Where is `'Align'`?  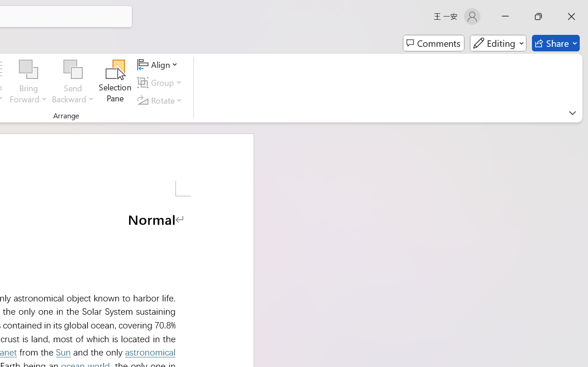 'Align' is located at coordinates (159, 65).